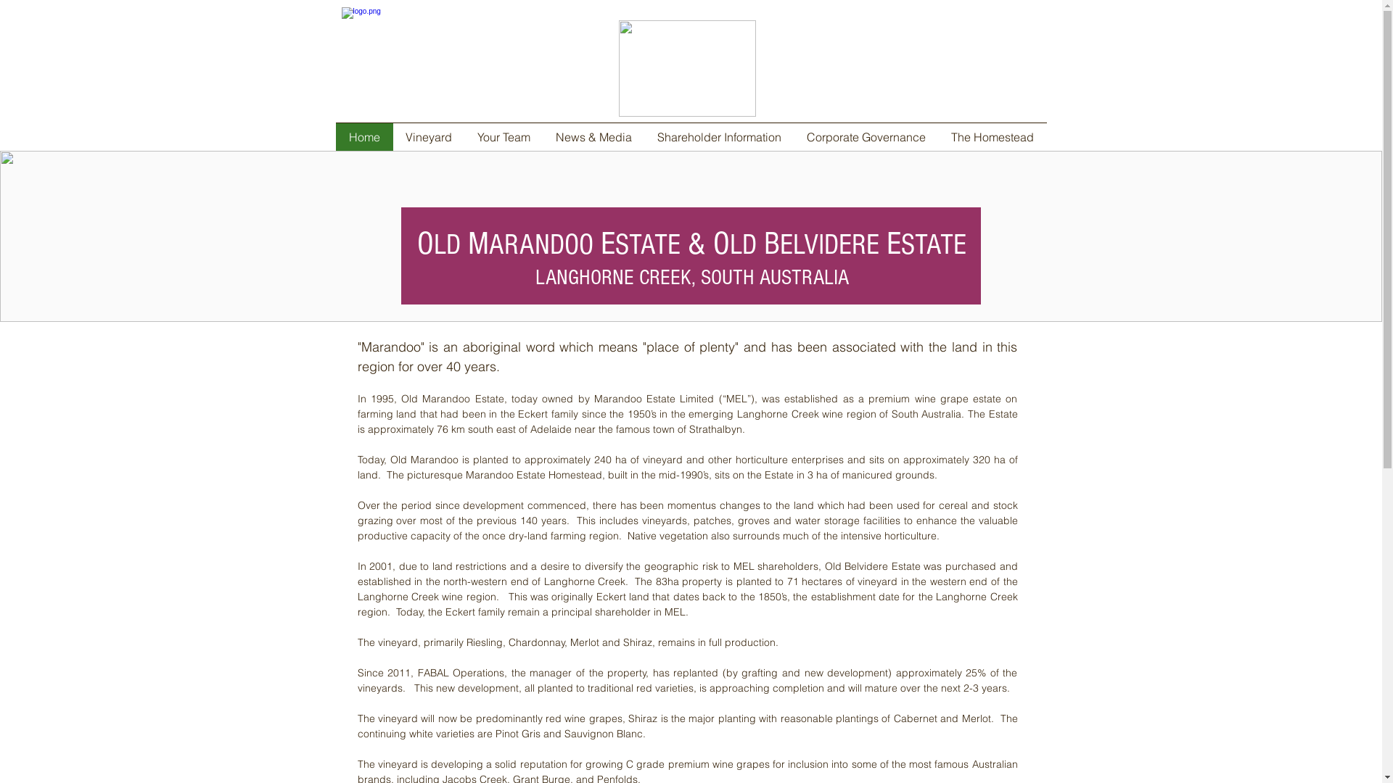 Image resolution: width=1393 pixels, height=783 pixels. Describe the element at coordinates (363, 137) in the screenshot. I see `'Home'` at that location.